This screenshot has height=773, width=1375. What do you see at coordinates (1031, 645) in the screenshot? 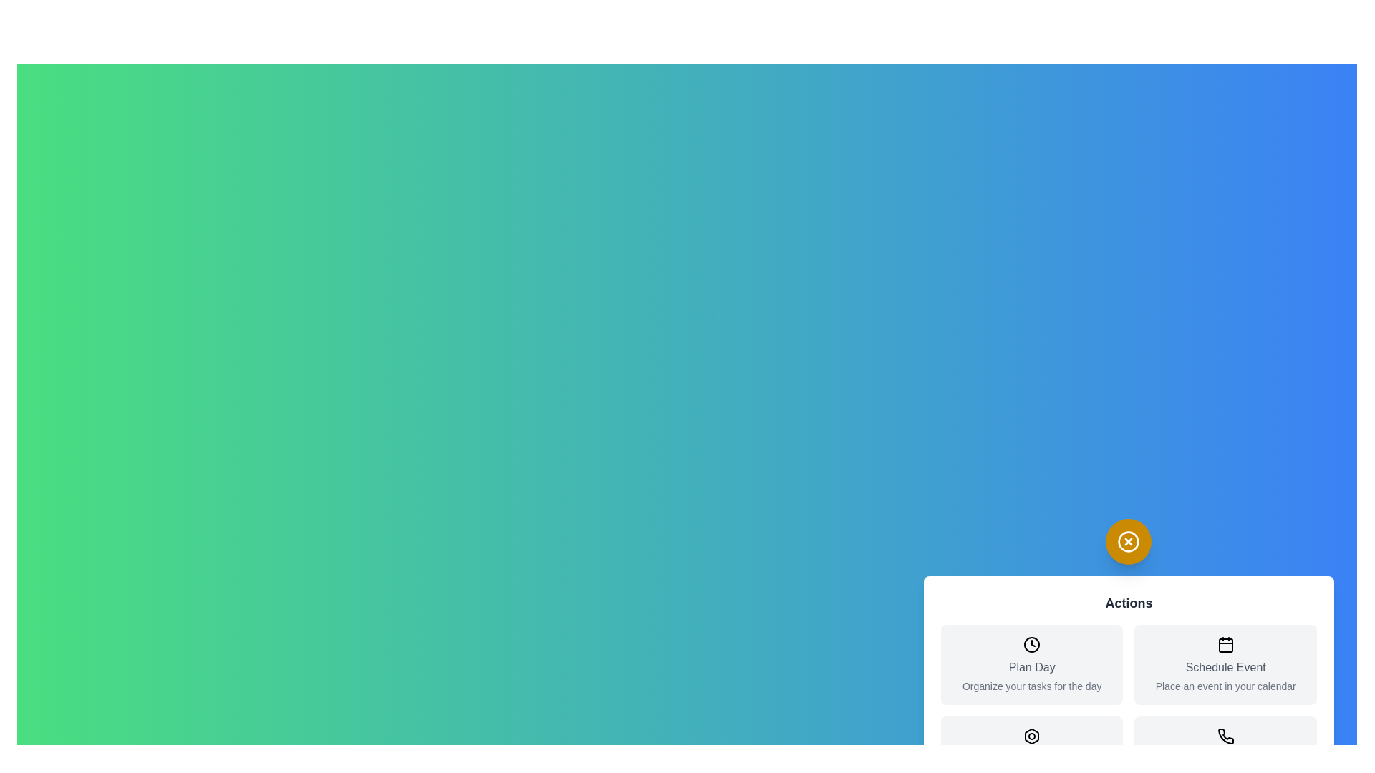
I see `the icon corresponding to Plan Day` at bounding box center [1031, 645].